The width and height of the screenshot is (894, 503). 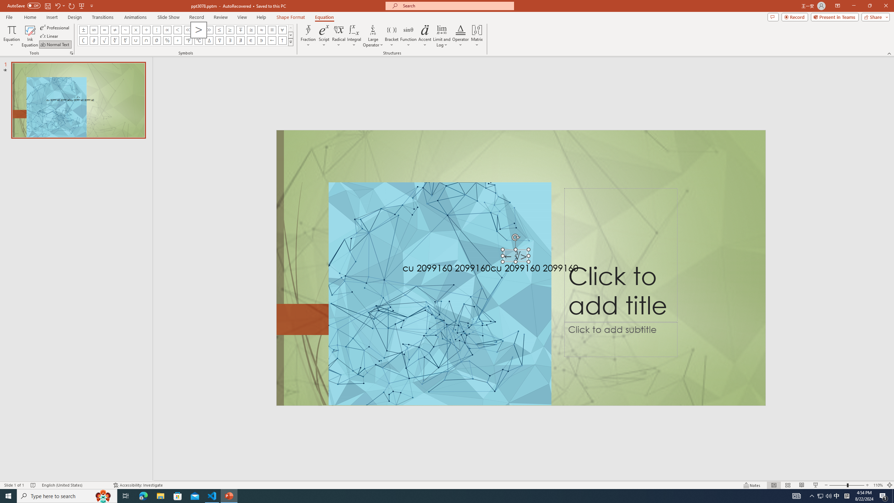 What do you see at coordinates (219, 29) in the screenshot?
I see `'Equation Symbol Less Than or Equal To'` at bounding box center [219, 29].